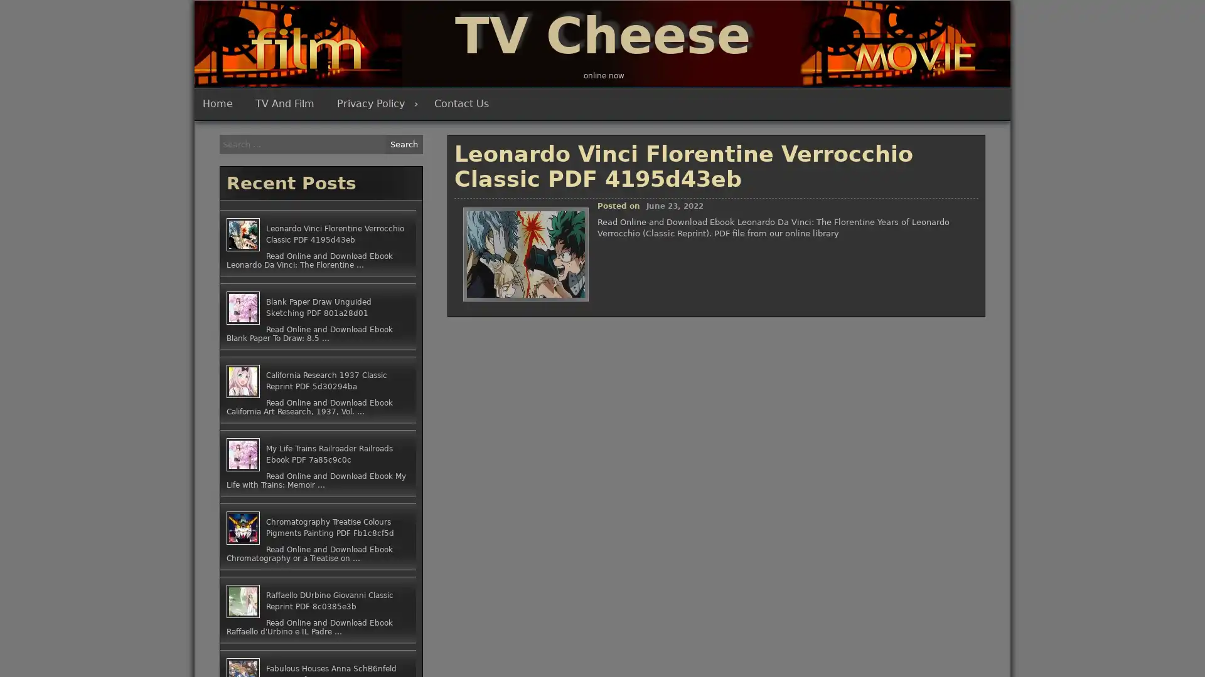 This screenshot has height=677, width=1205. What do you see at coordinates (404, 144) in the screenshot?
I see `Search` at bounding box center [404, 144].